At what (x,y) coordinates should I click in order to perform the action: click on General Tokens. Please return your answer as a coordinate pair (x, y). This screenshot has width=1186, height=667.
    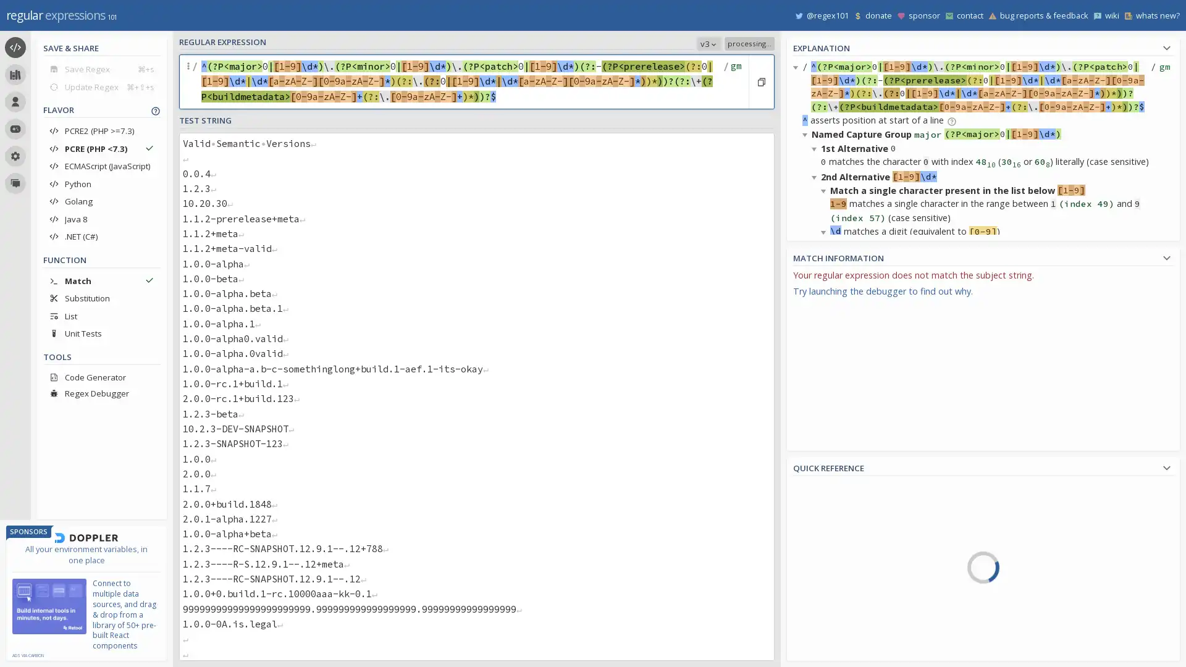
    Looking at the image, I should click on (851, 547).